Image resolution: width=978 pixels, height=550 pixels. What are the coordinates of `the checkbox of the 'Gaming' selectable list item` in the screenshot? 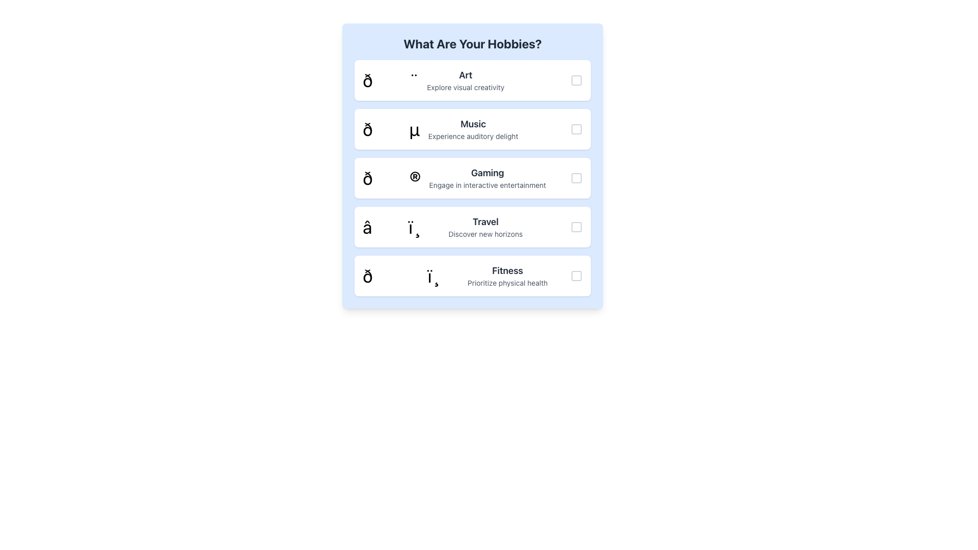 It's located at (472, 178).